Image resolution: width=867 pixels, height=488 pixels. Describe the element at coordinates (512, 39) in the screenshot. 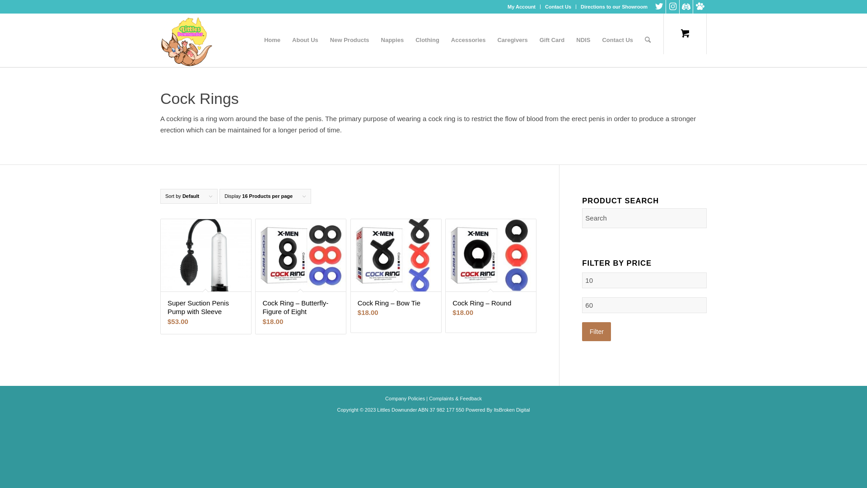

I see `'Caregivers'` at that location.